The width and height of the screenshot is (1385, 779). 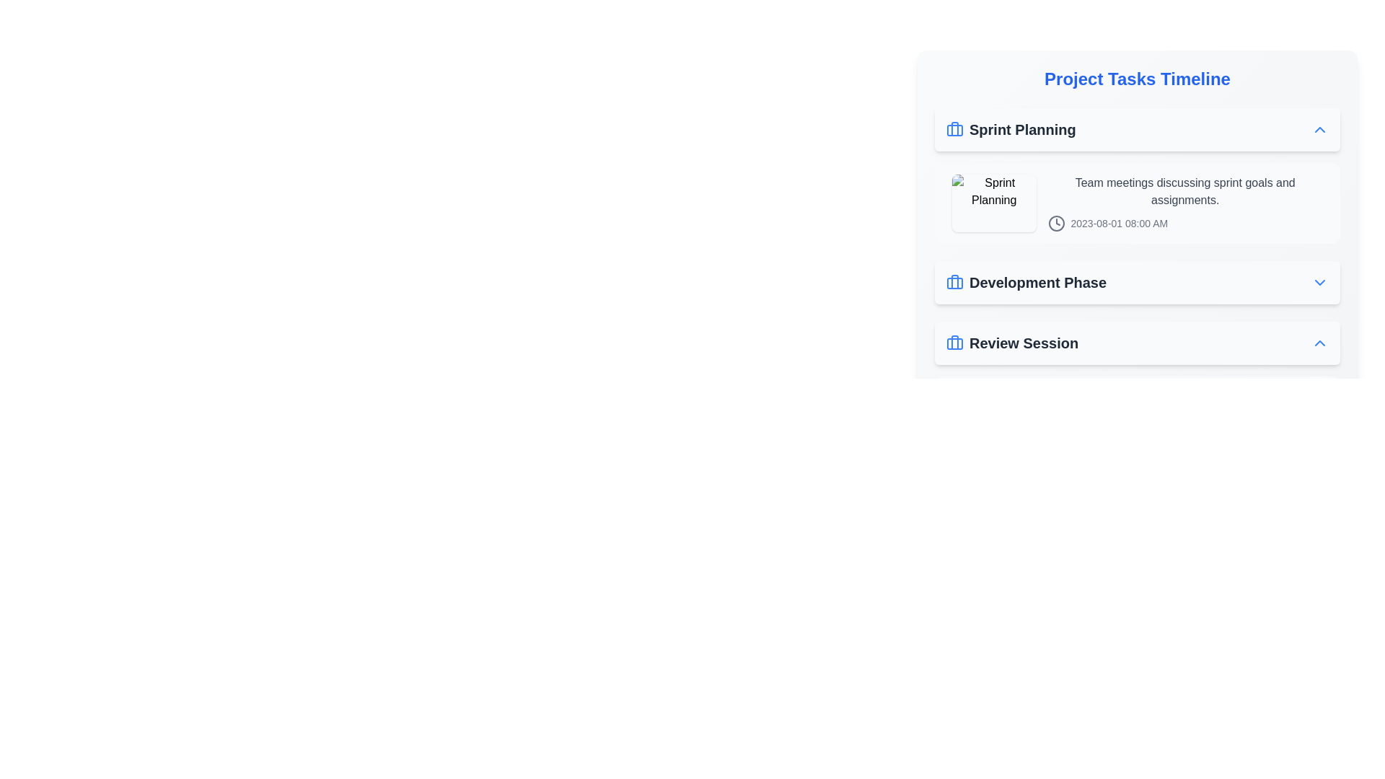 I want to click on label 'Sprint Planning' which is prominently styled in bold font and accompanied by a briefcase icon, located at the top of the 'Project Tasks Timeline' panel, so click(x=1010, y=130).